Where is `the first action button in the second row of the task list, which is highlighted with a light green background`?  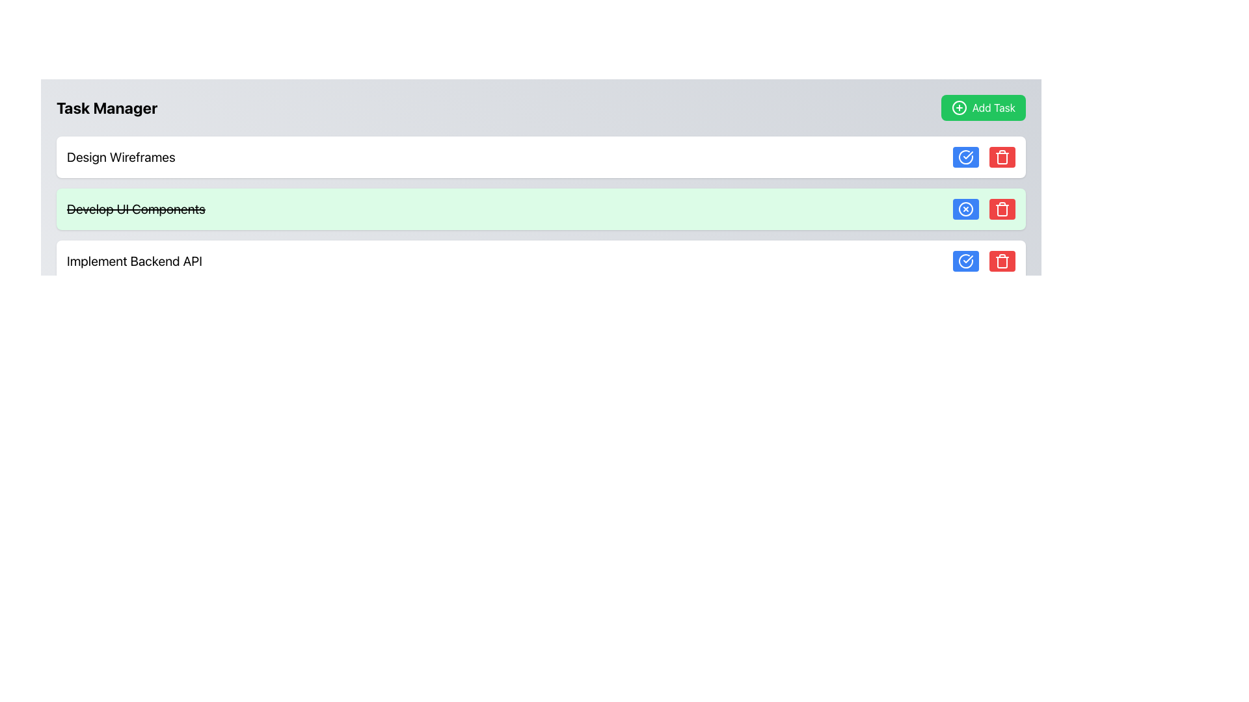
the first action button in the second row of the task list, which is highlighted with a light green background is located at coordinates (965, 208).